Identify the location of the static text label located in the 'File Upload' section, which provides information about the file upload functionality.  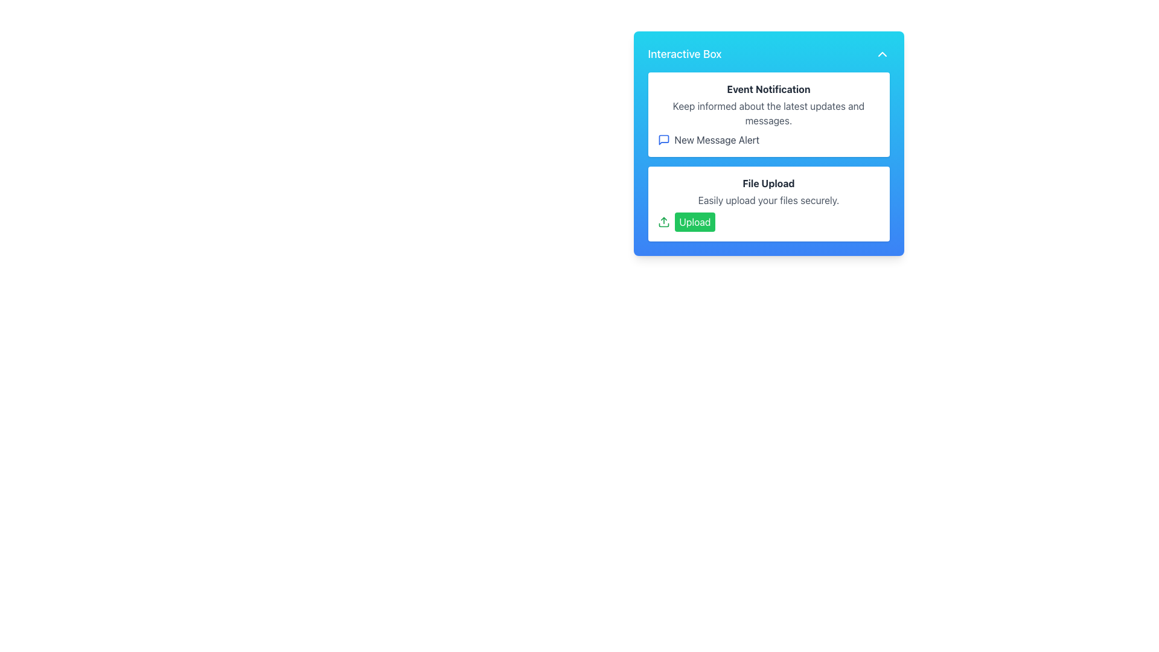
(768, 199).